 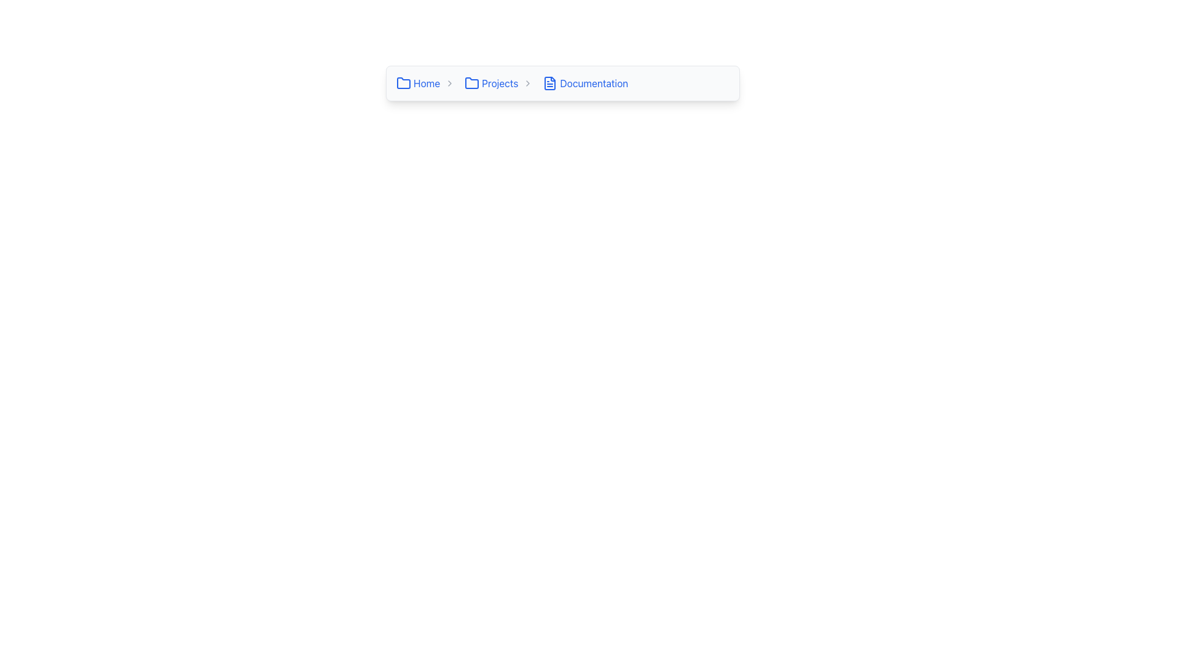 I want to click on the 'Projects' hyperlink, which is styled in blue and located to the right of a minimalist folder icon in the breadcrumb navigation, so click(x=490, y=83).